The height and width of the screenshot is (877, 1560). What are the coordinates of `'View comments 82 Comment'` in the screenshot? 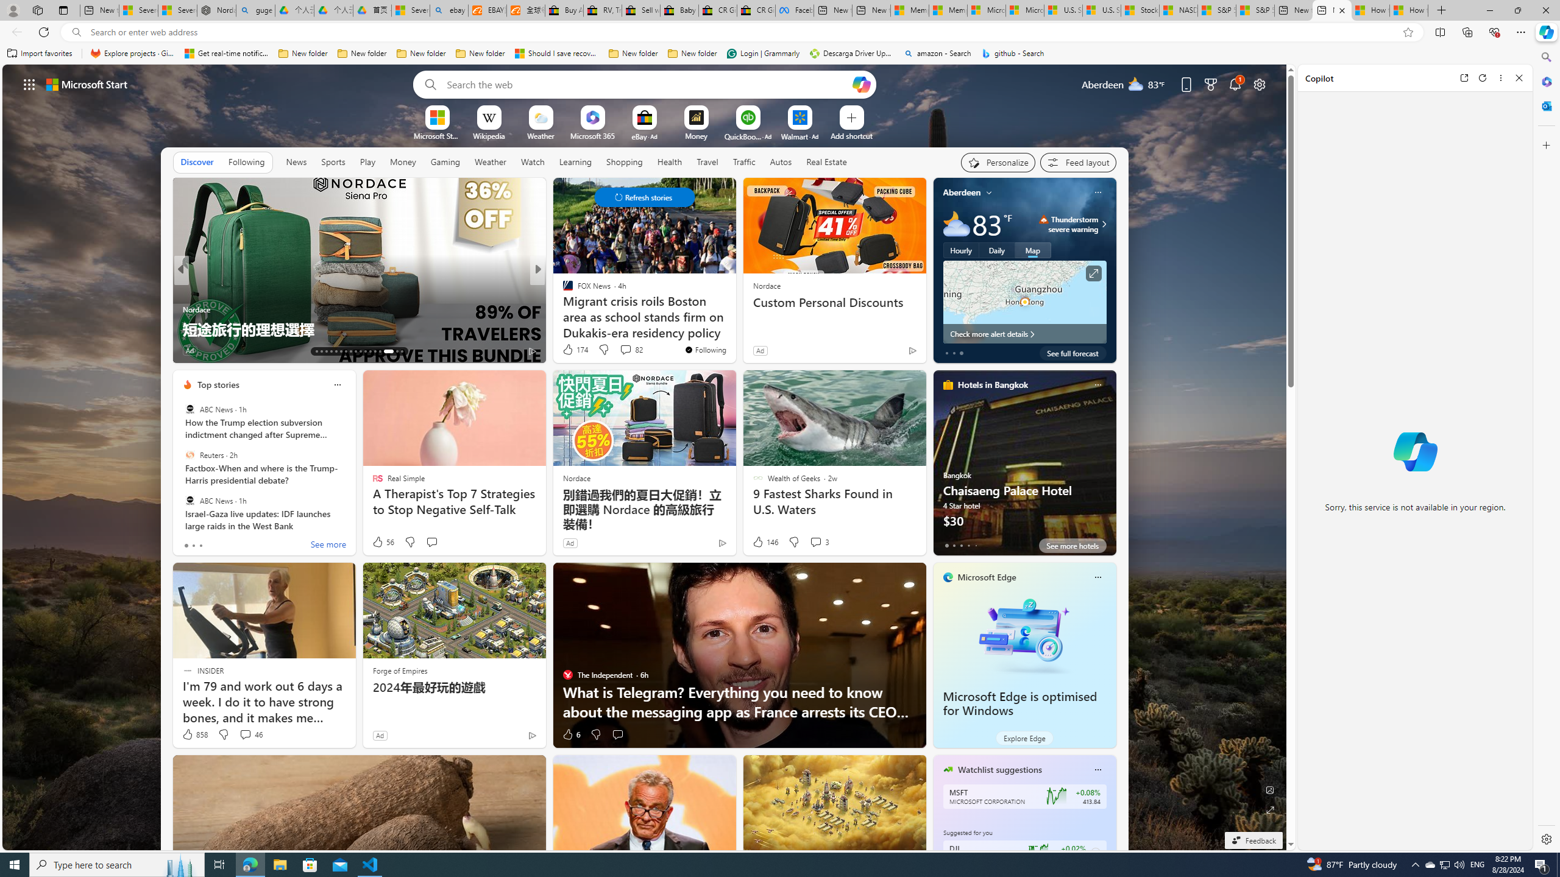 It's located at (631, 348).